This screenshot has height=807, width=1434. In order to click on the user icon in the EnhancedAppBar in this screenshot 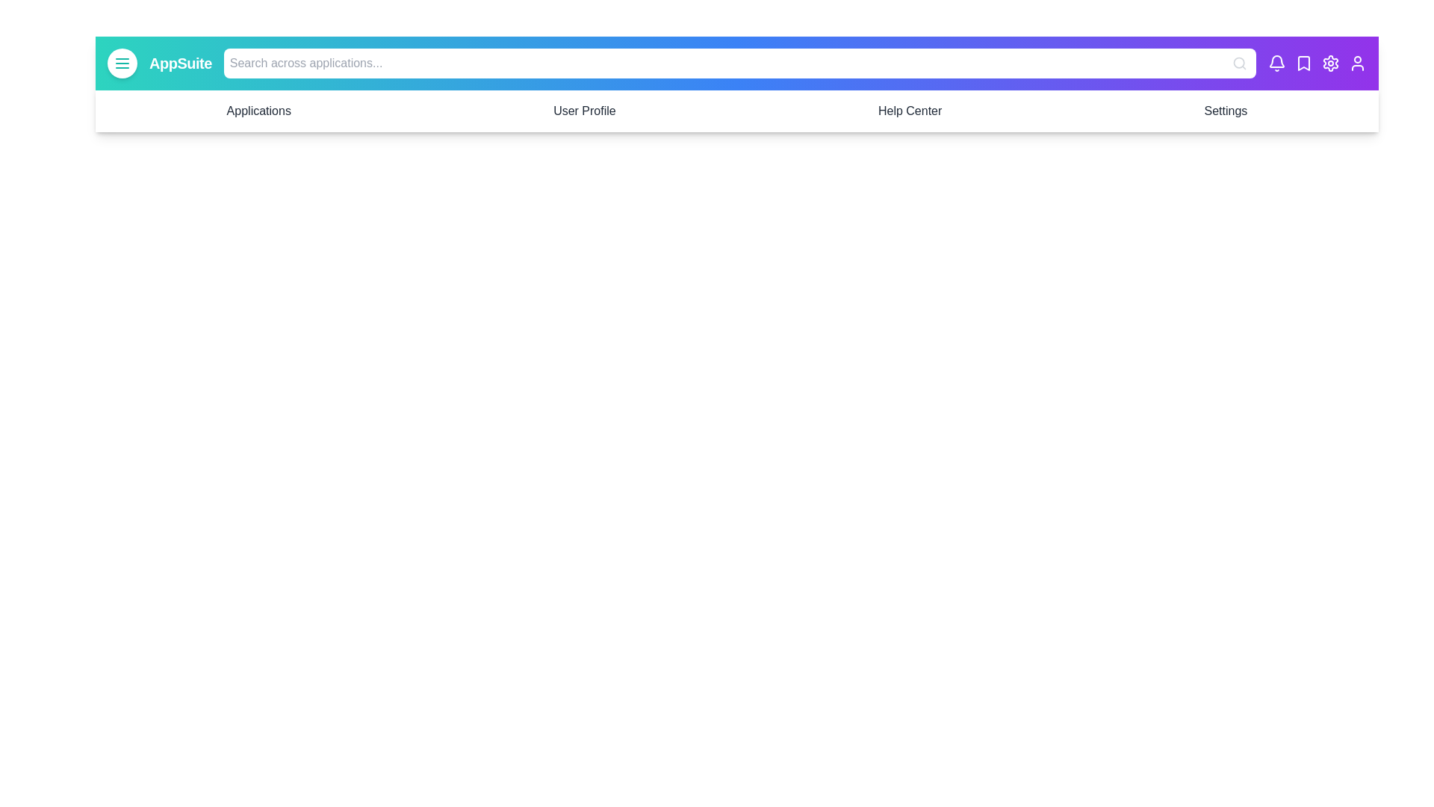, I will do `click(1358, 62)`.